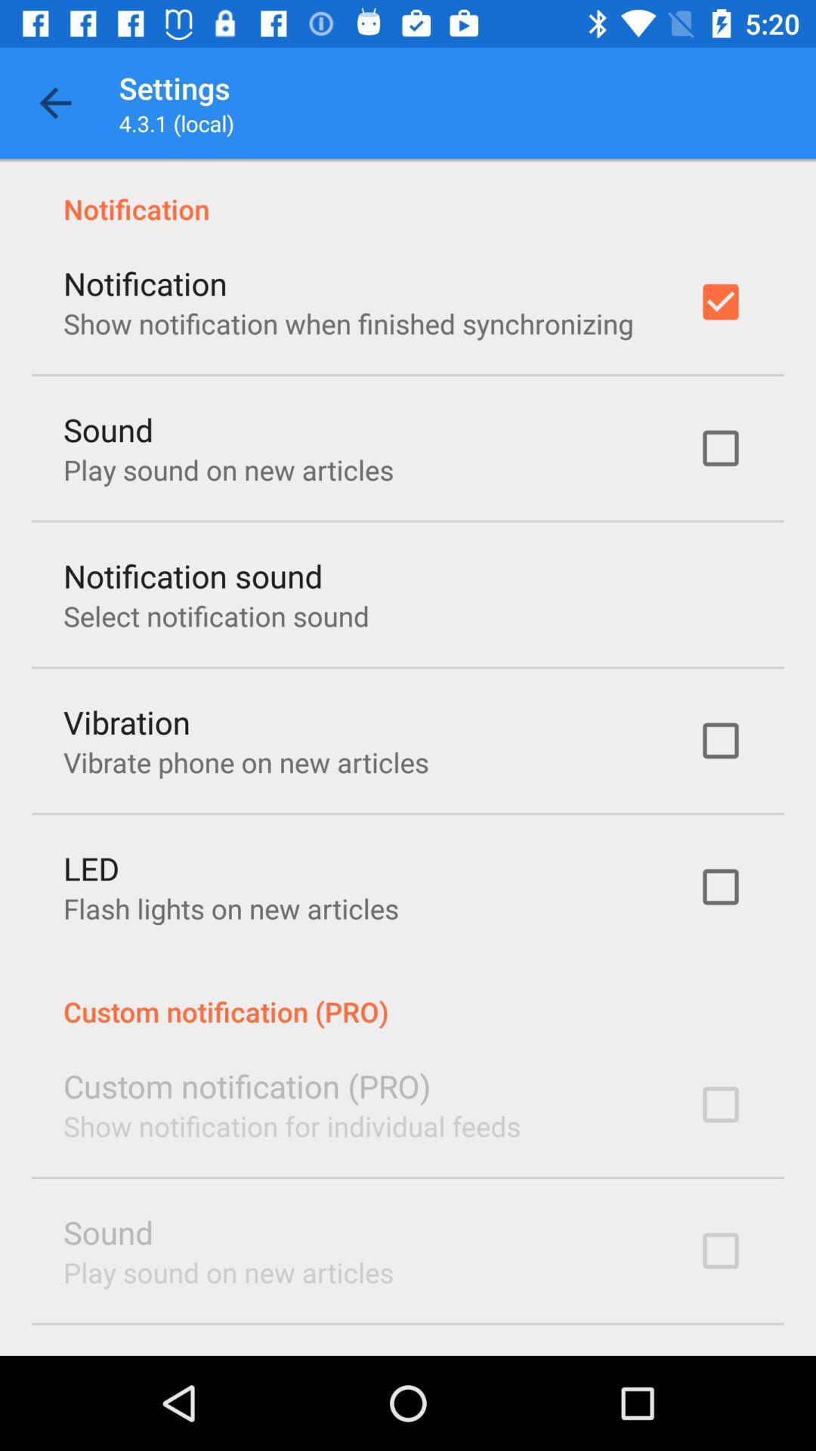  What do you see at coordinates (245, 762) in the screenshot?
I see `vibrate phone on` at bounding box center [245, 762].